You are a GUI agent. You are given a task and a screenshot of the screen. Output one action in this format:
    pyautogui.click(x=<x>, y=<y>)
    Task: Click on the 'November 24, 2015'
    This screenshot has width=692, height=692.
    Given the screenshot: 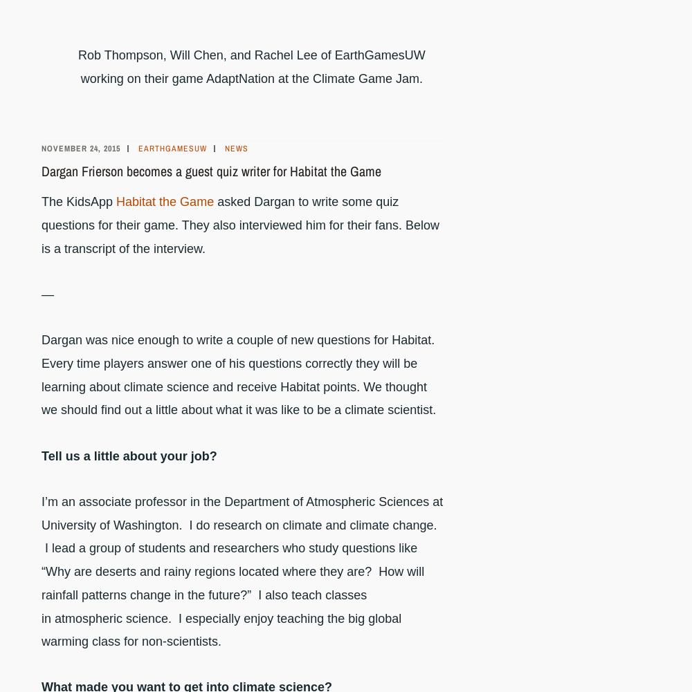 What is the action you would take?
    pyautogui.click(x=80, y=148)
    